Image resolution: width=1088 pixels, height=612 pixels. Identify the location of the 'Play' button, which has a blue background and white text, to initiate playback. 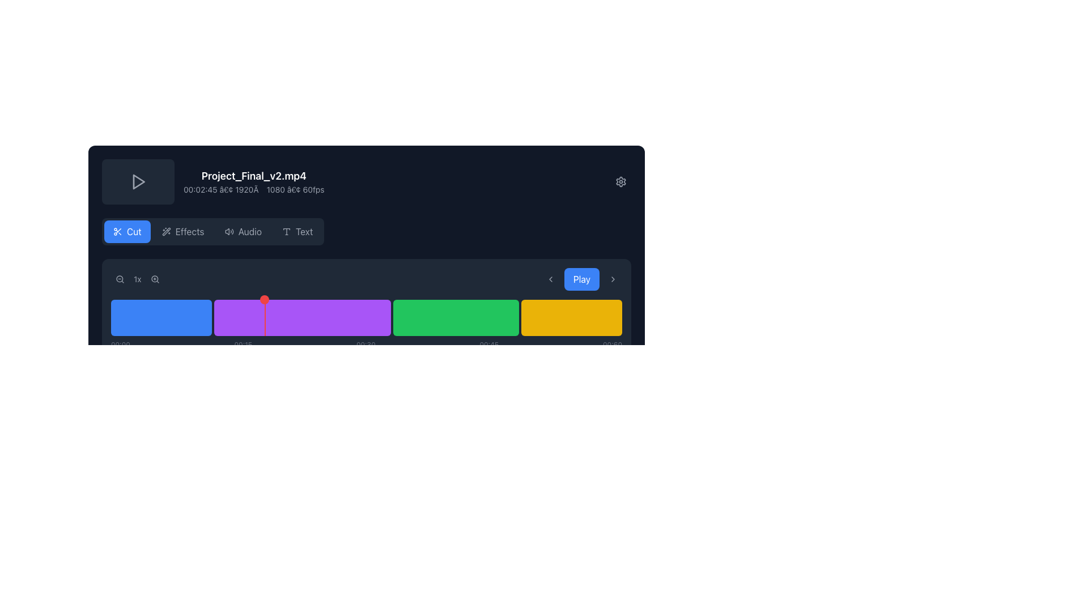
(581, 279).